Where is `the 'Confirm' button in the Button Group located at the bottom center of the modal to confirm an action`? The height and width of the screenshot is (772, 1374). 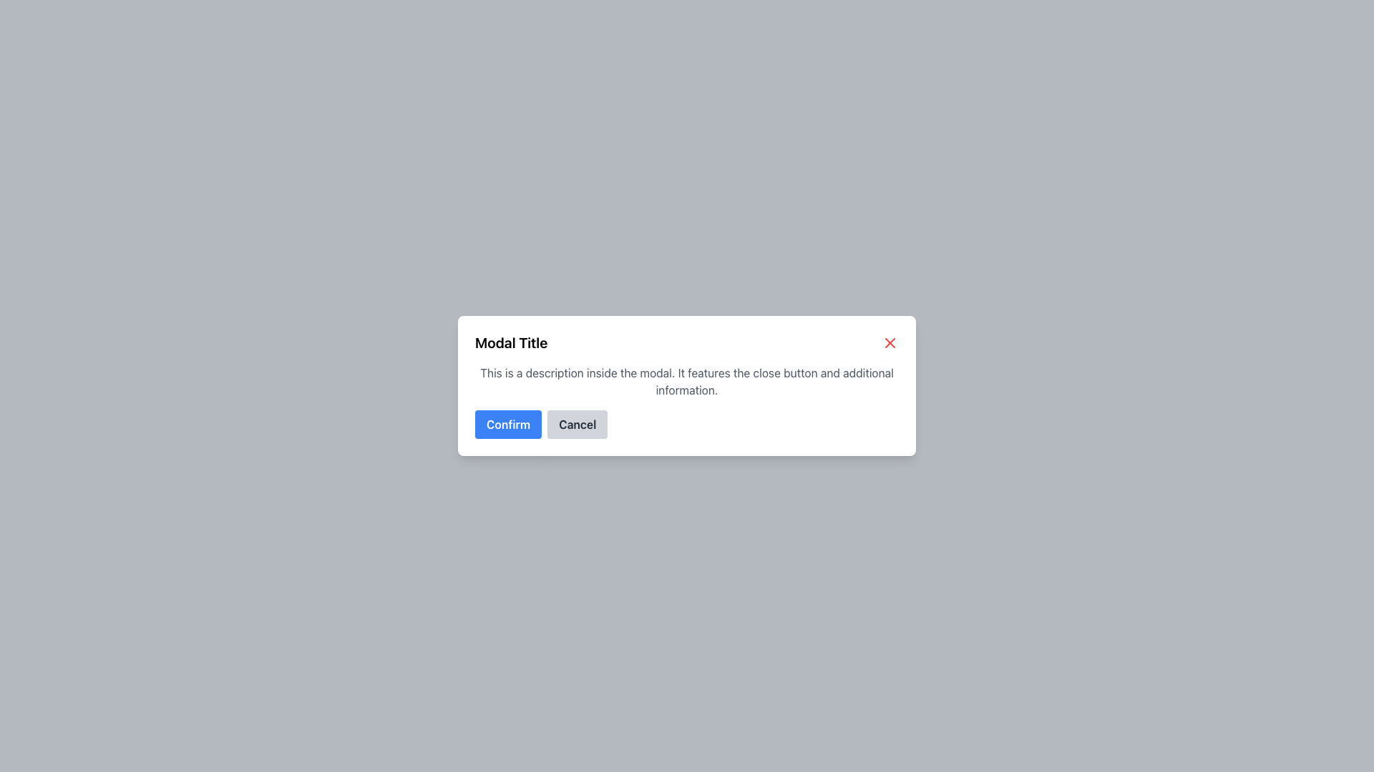
the 'Confirm' button in the Button Group located at the bottom center of the modal to confirm an action is located at coordinates (540, 424).